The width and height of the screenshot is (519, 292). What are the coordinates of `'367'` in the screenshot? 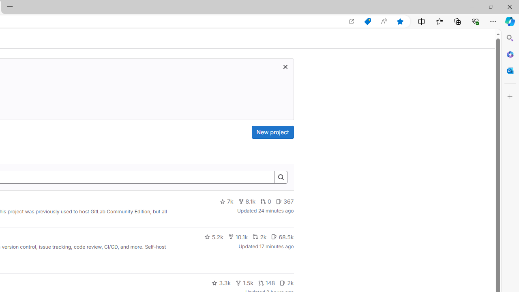 It's located at (285, 201).